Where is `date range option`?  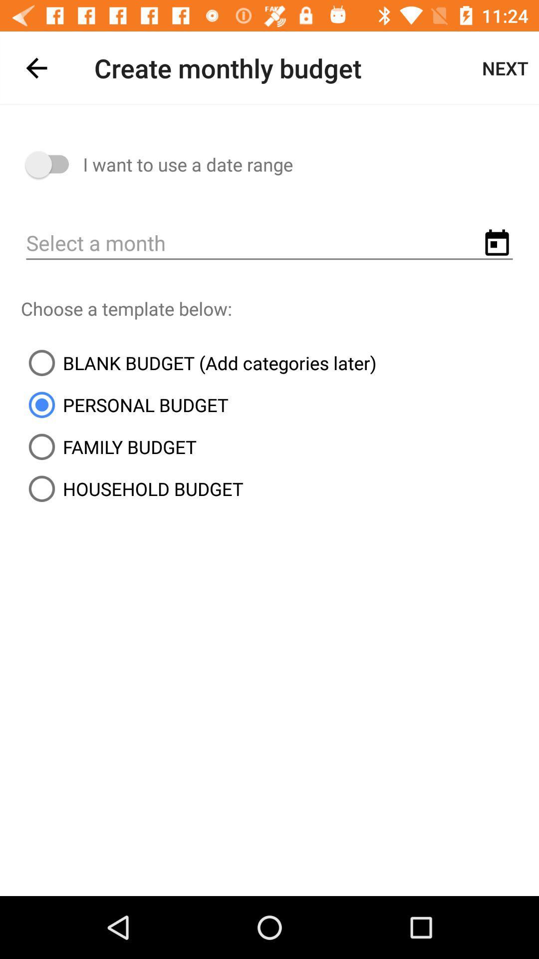 date range option is located at coordinates (52, 164).